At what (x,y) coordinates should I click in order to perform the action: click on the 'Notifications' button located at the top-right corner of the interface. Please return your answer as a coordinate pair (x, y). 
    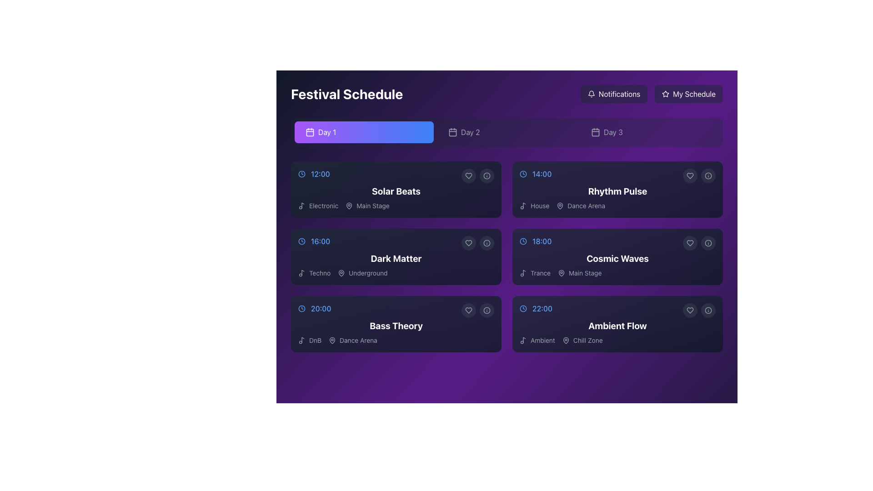
    Looking at the image, I should click on (614, 94).